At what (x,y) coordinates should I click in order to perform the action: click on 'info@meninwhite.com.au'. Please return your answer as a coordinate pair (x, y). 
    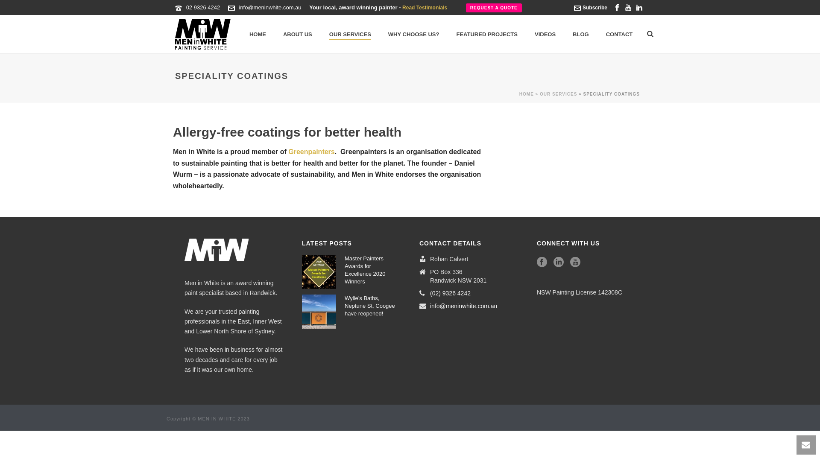
    Looking at the image, I should click on (463, 306).